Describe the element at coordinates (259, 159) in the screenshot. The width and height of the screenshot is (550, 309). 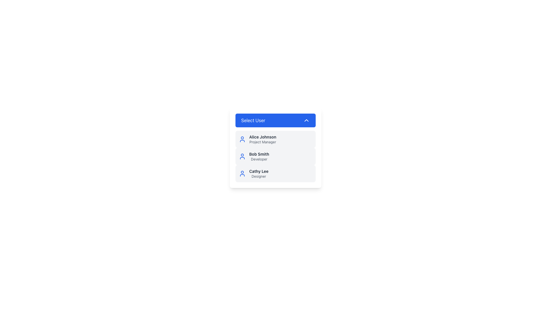
I see `the text label displaying 'Developer' in small gray font positioned beneath 'Bob Smith'` at that location.